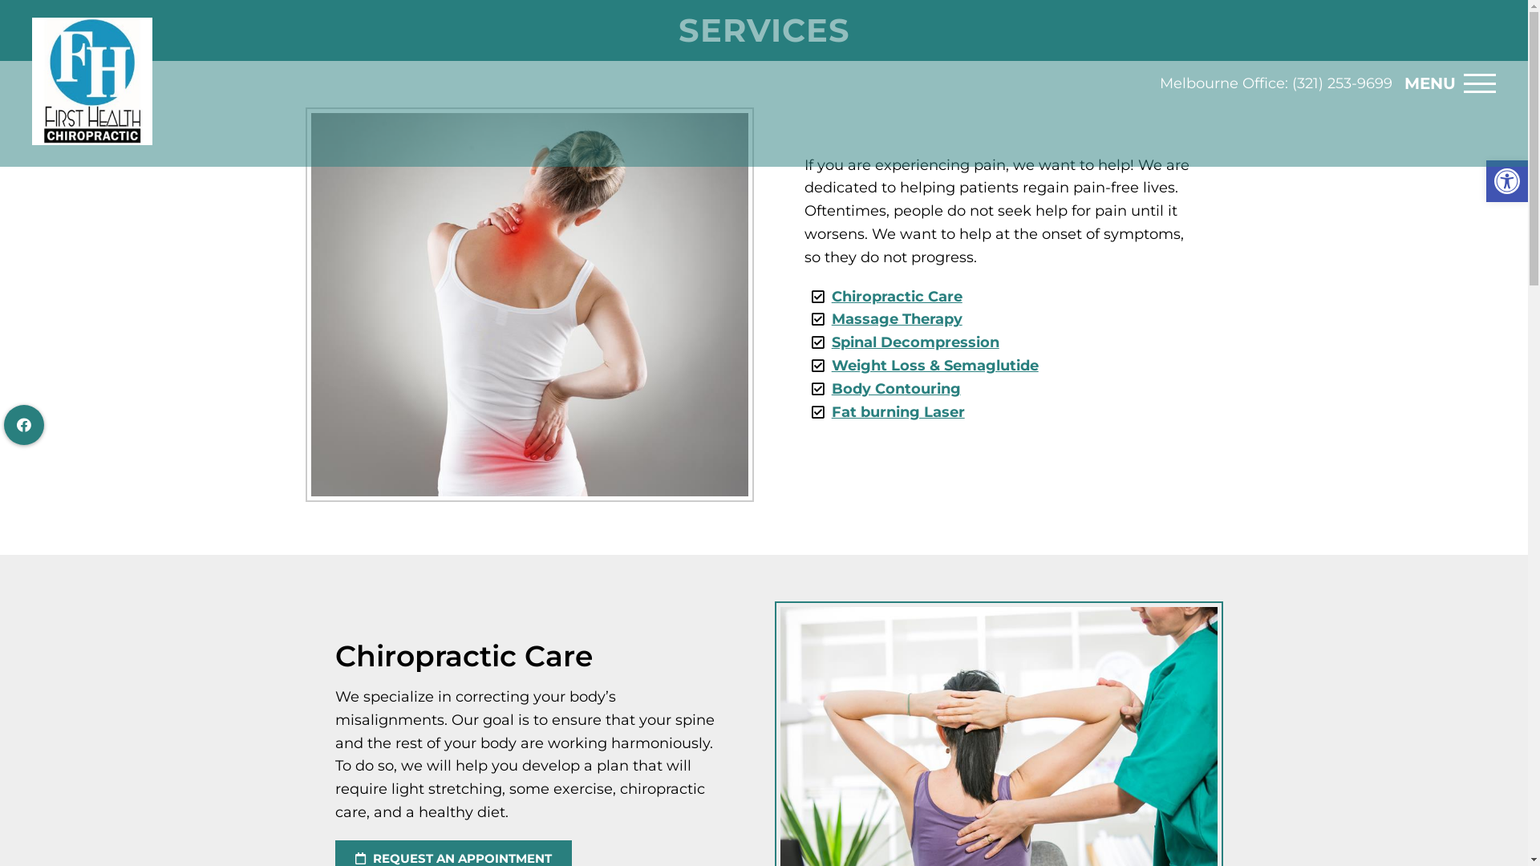  Describe the element at coordinates (896, 318) in the screenshot. I see `'Massage Therapy'` at that location.